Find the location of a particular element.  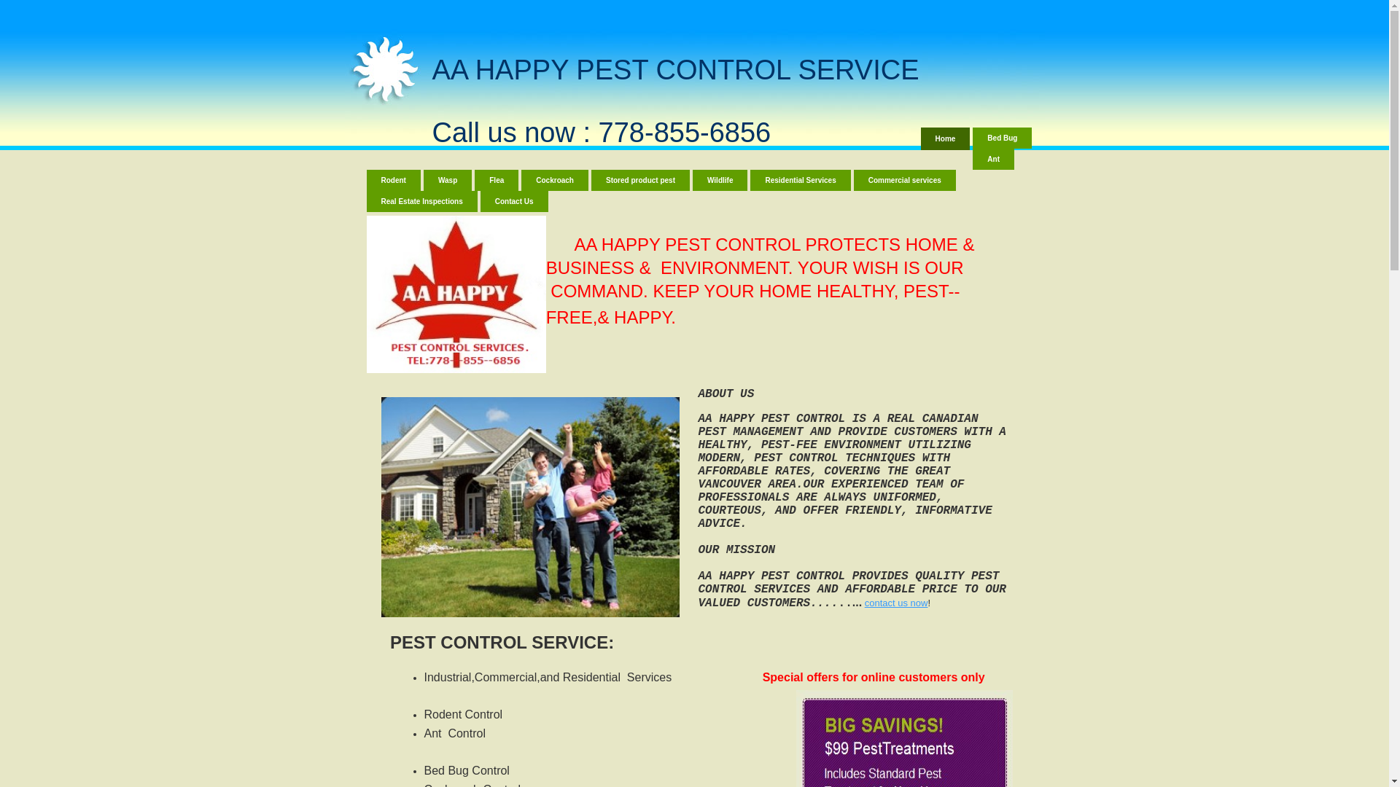

'Contact Us' is located at coordinates (514, 201).